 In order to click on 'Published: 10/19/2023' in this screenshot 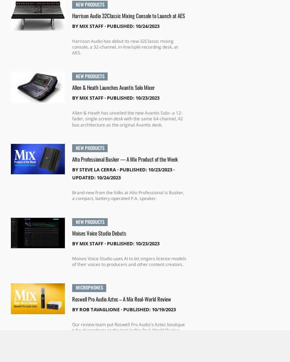, I will do `click(149, 309)`.